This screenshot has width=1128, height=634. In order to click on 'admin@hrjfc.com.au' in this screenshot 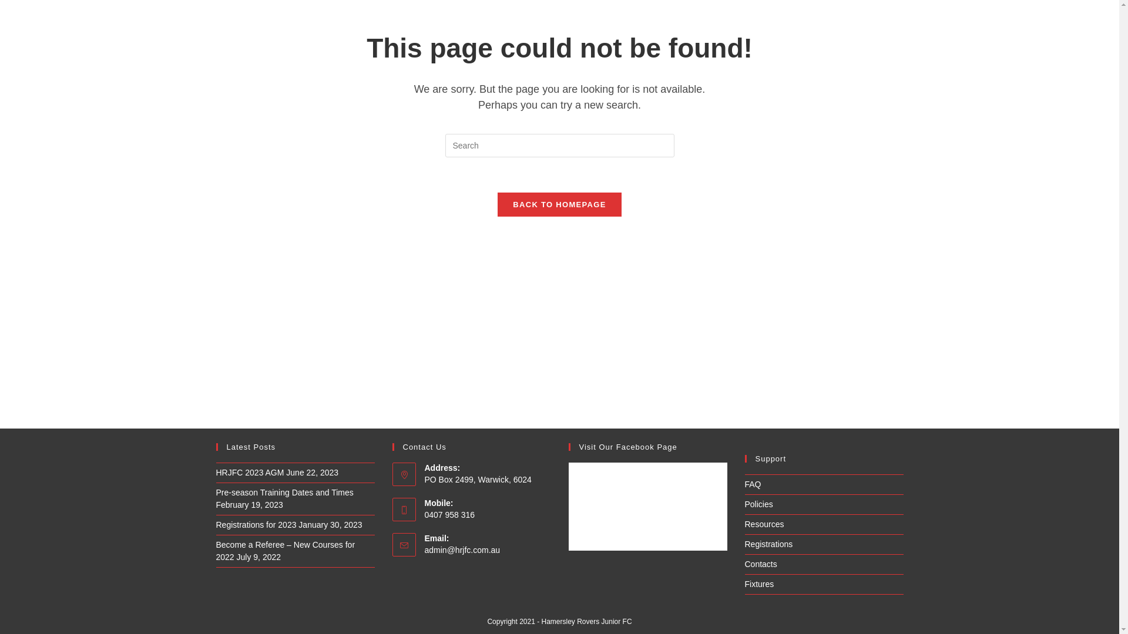, I will do `click(423, 550)`.